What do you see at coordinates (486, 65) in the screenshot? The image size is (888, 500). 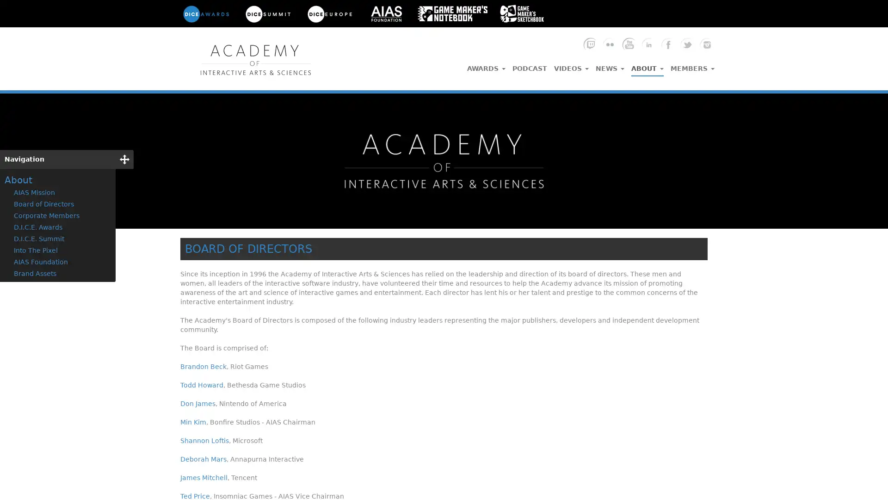 I see `AWARDS` at bounding box center [486, 65].